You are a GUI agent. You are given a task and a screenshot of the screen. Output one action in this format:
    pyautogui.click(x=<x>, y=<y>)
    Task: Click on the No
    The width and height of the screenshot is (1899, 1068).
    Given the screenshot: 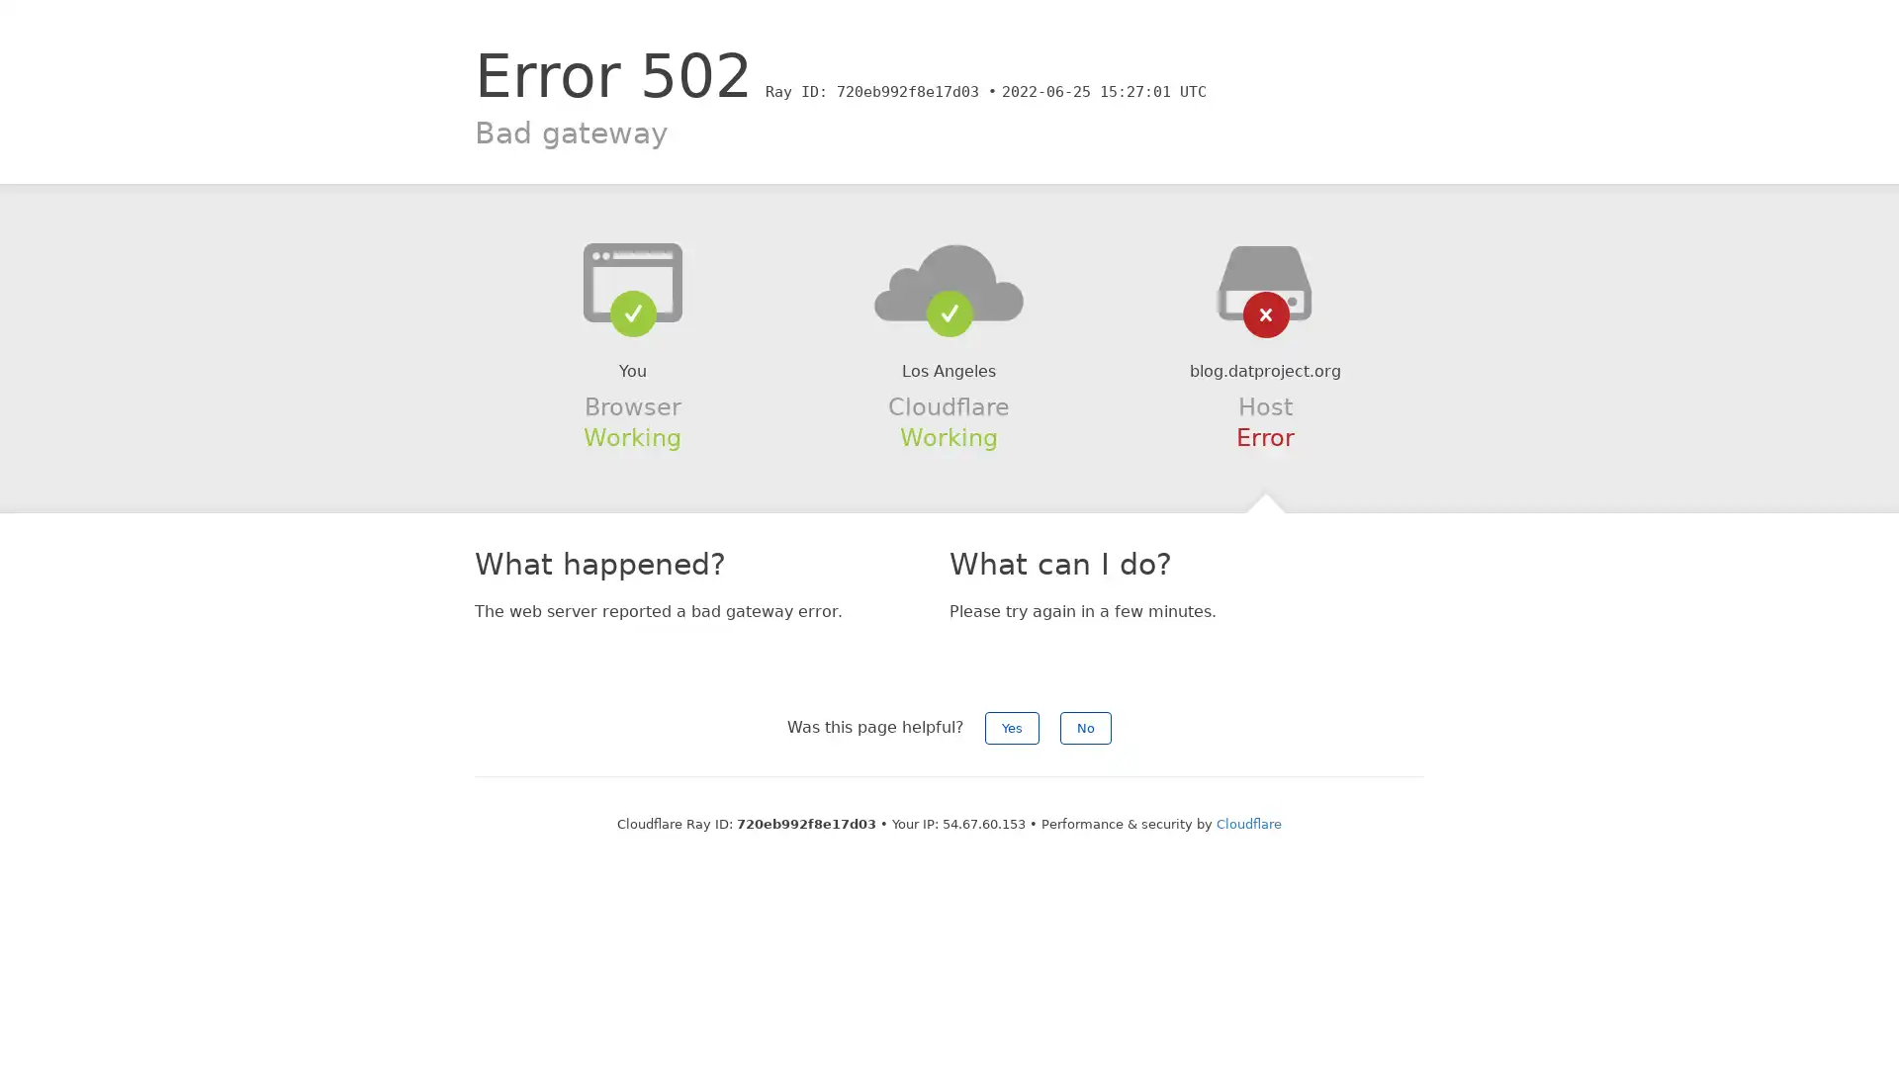 What is the action you would take?
    pyautogui.click(x=1085, y=728)
    